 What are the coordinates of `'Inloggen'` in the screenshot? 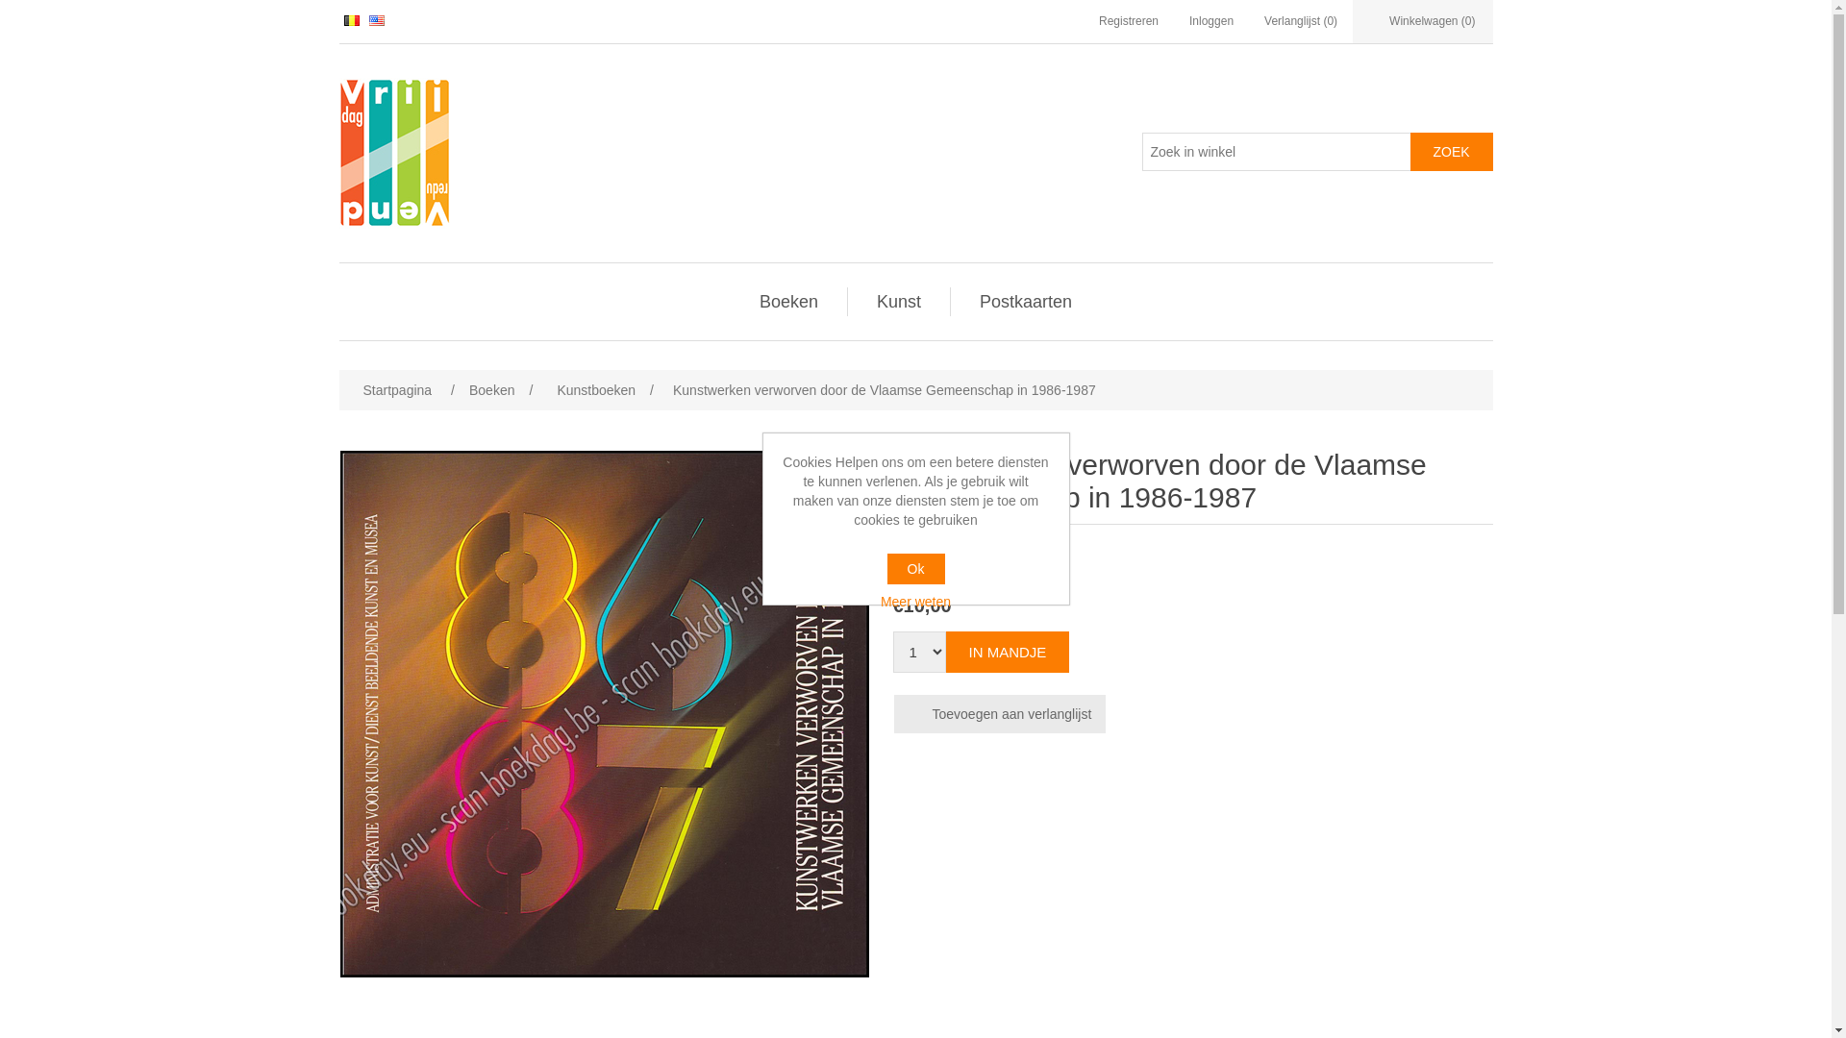 It's located at (1210, 21).